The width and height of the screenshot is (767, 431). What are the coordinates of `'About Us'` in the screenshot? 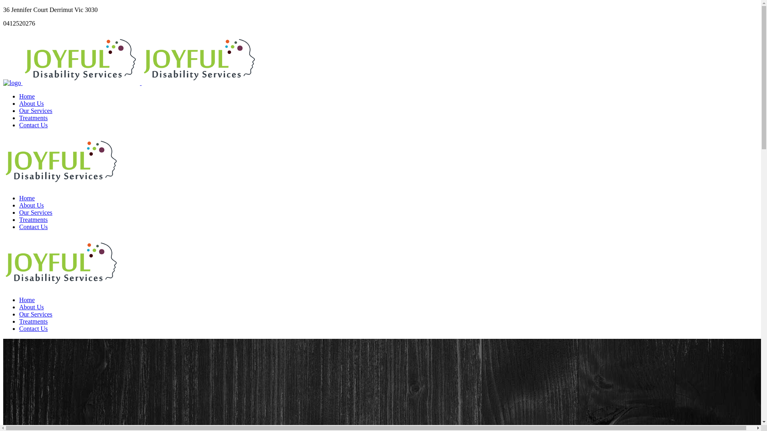 It's located at (19, 306).